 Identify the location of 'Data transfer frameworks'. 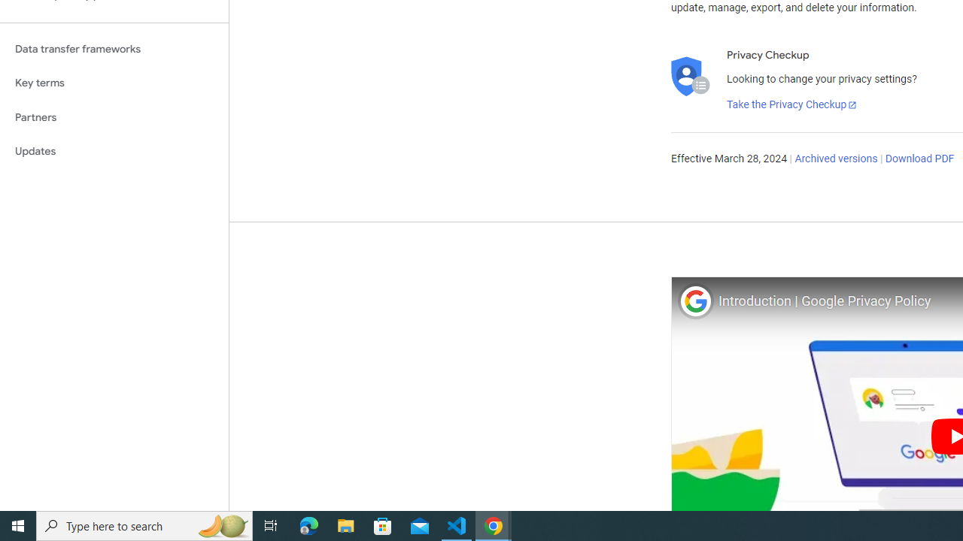
(114, 48).